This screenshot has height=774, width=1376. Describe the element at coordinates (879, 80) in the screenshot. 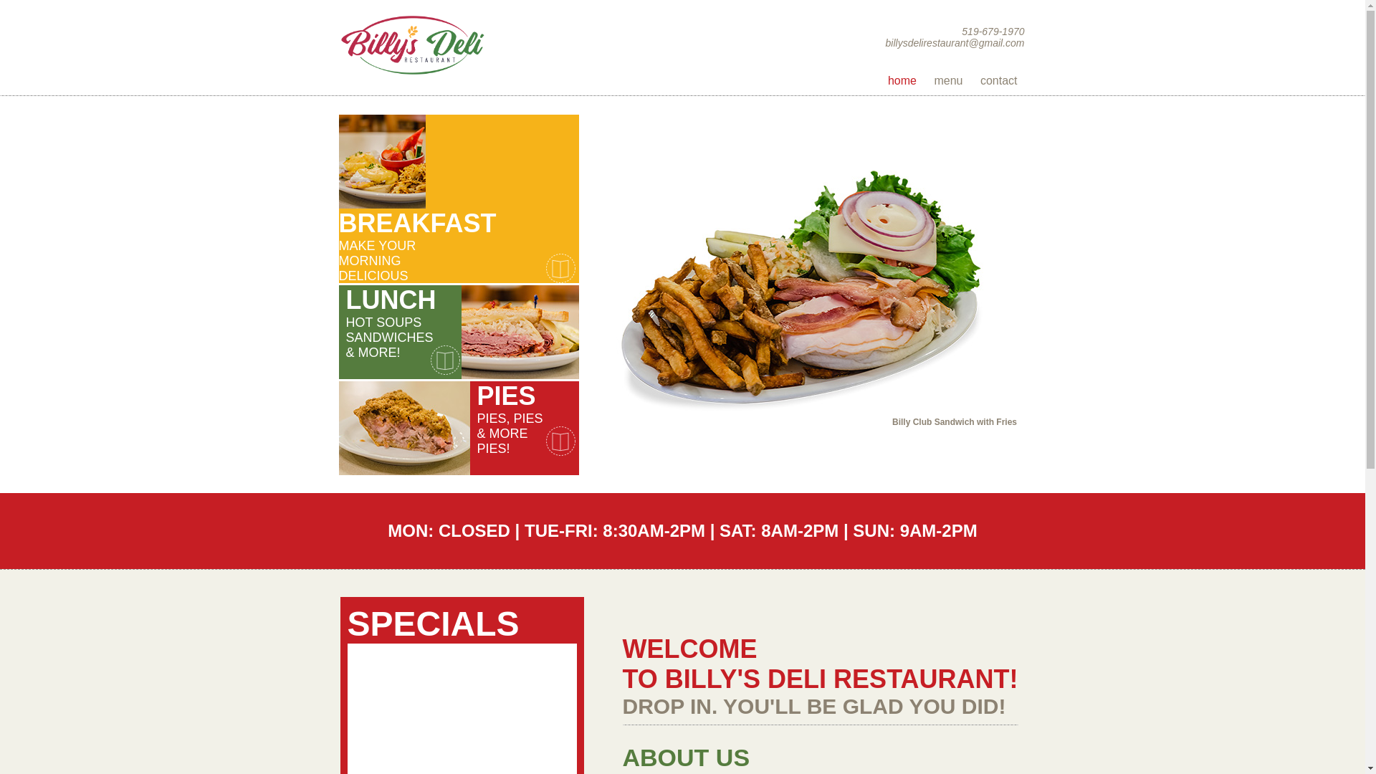

I see `'home'` at that location.